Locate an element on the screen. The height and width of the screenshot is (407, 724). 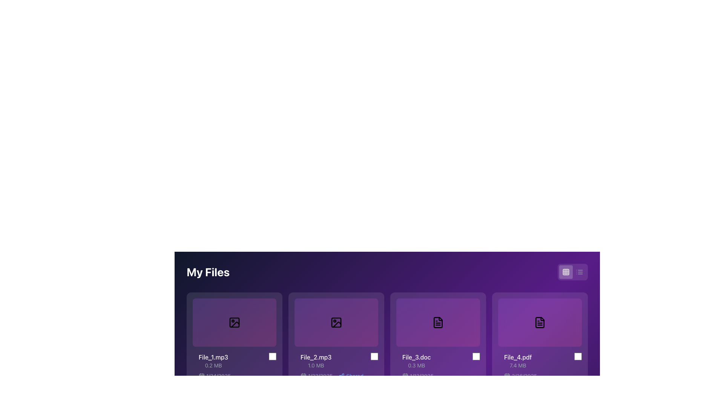
the List item containing the file name 'File_4.pdf' with a checkbox is located at coordinates (543, 360).